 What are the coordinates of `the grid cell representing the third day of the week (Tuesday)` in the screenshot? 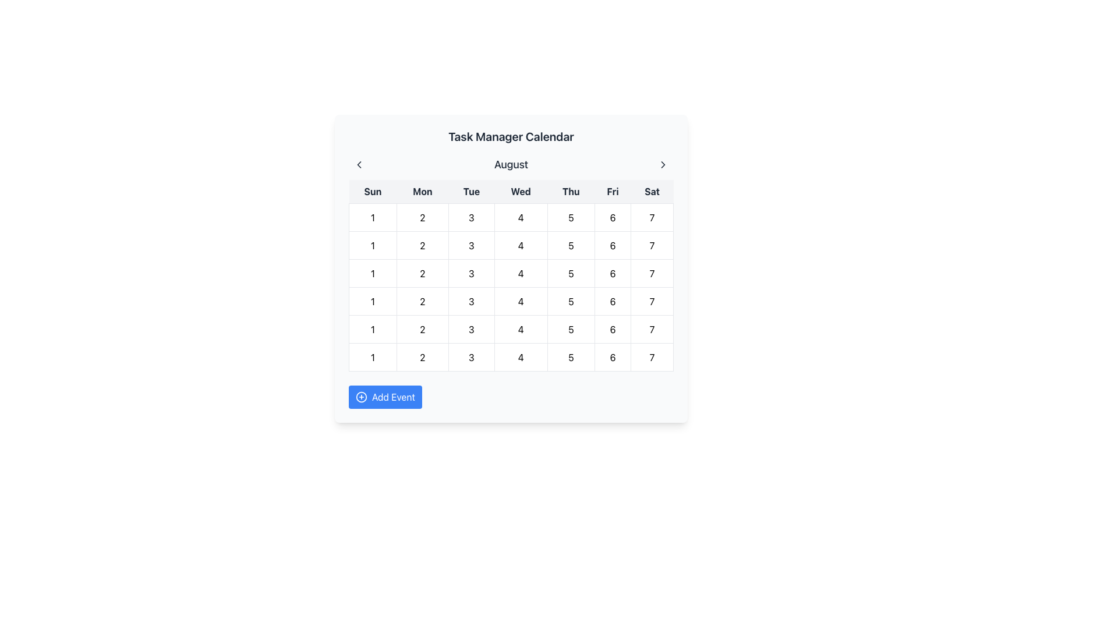 It's located at (471, 217).